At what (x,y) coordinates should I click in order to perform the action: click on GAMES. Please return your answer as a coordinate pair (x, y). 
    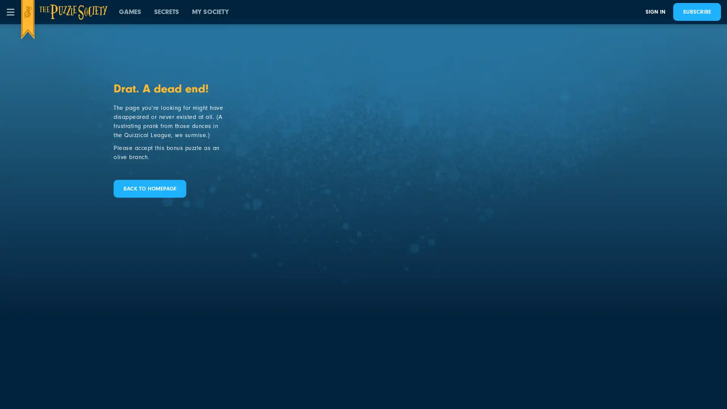
    Looking at the image, I should click on (130, 12).